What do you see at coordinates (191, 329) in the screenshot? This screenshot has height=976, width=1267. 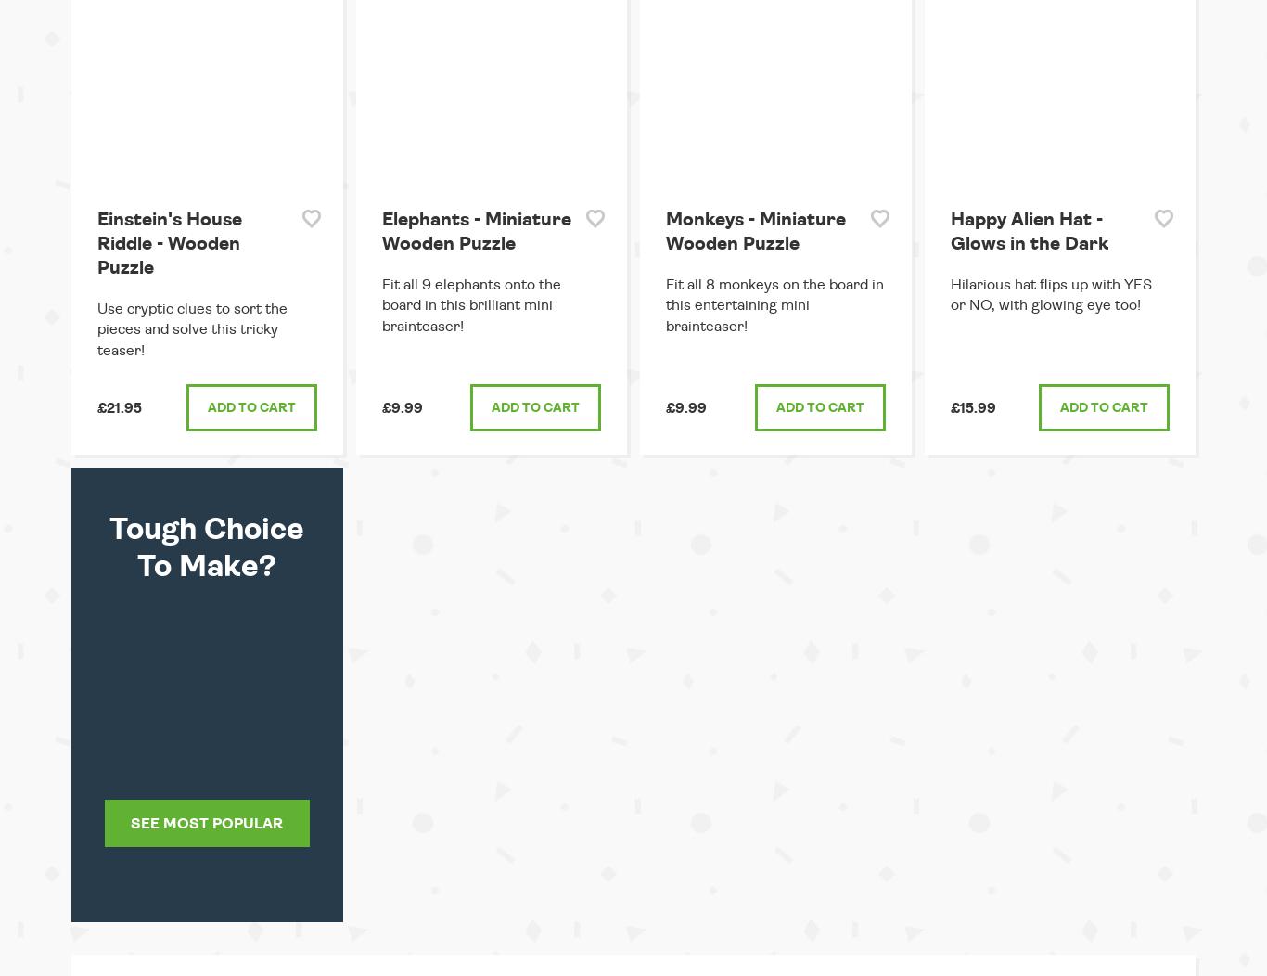 I see `'Use cryptic clues to sort the pieces and solve this tricky teaser!'` at bounding box center [191, 329].